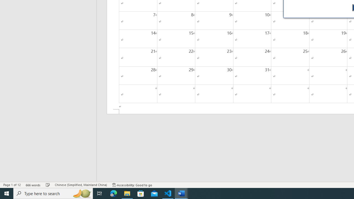 Image resolution: width=354 pixels, height=199 pixels. What do you see at coordinates (132, 185) in the screenshot?
I see `'Accessibility Checker Accessibility: Good to go'` at bounding box center [132, 185].